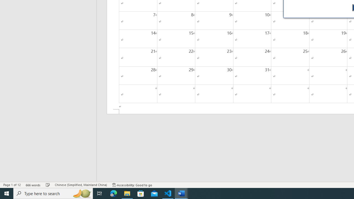 Image resolution: width=354 pixels, height=199 pixels. What do you see at coordinates (132, 185) in the screenshot?
I see `'Accessibility Checker Accessibility: Good to go'` at bounding box center [132, 185].